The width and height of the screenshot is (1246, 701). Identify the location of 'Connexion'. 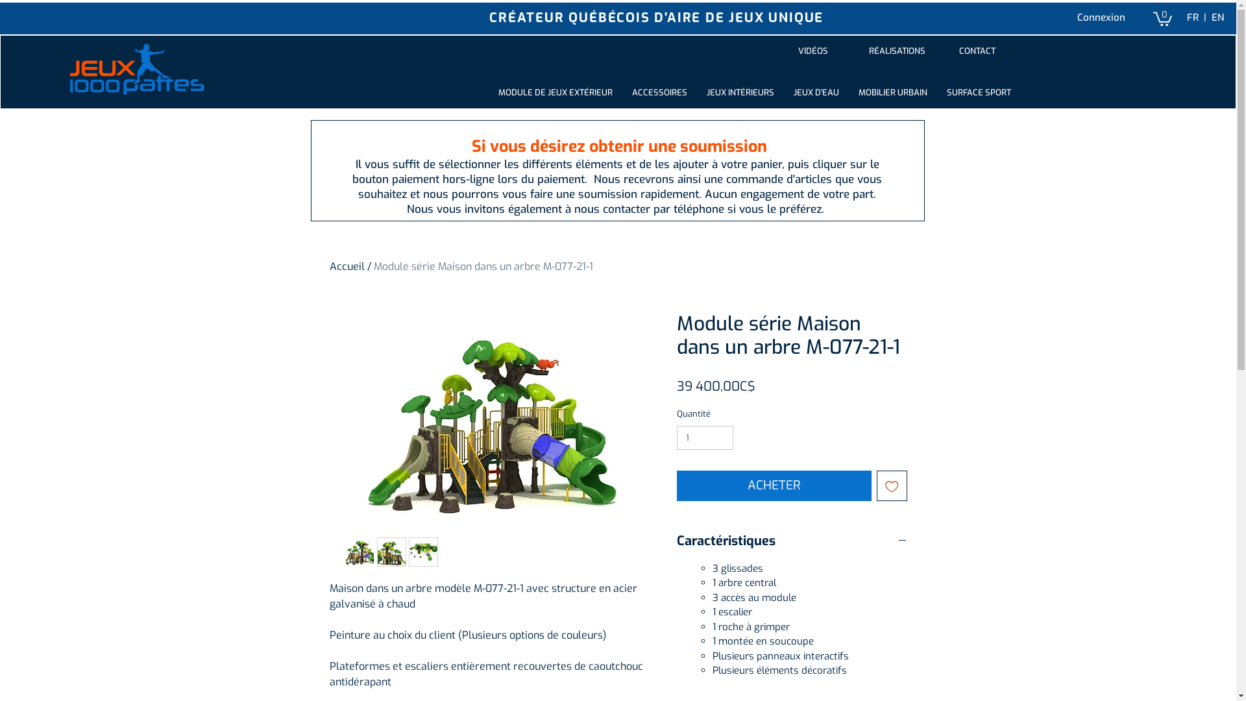
(1101, 18).